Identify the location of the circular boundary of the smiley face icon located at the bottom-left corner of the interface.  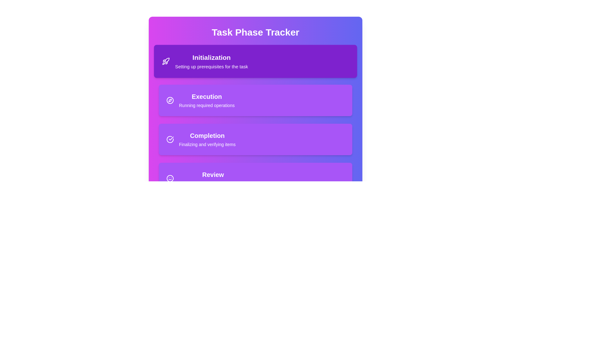
(170, 178).